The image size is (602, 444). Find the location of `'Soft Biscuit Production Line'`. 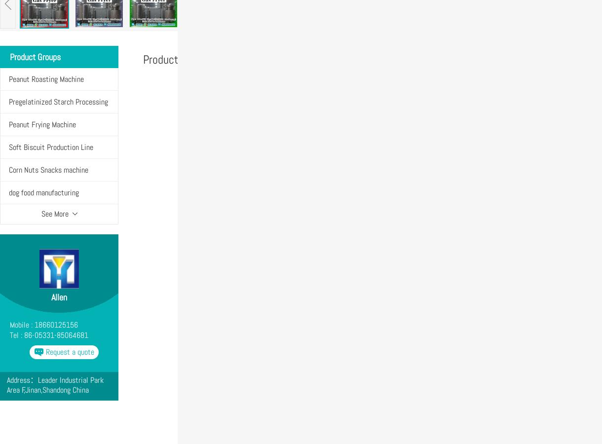

'Soft Biscuit Production Line' is located at coordinates (51, 147).